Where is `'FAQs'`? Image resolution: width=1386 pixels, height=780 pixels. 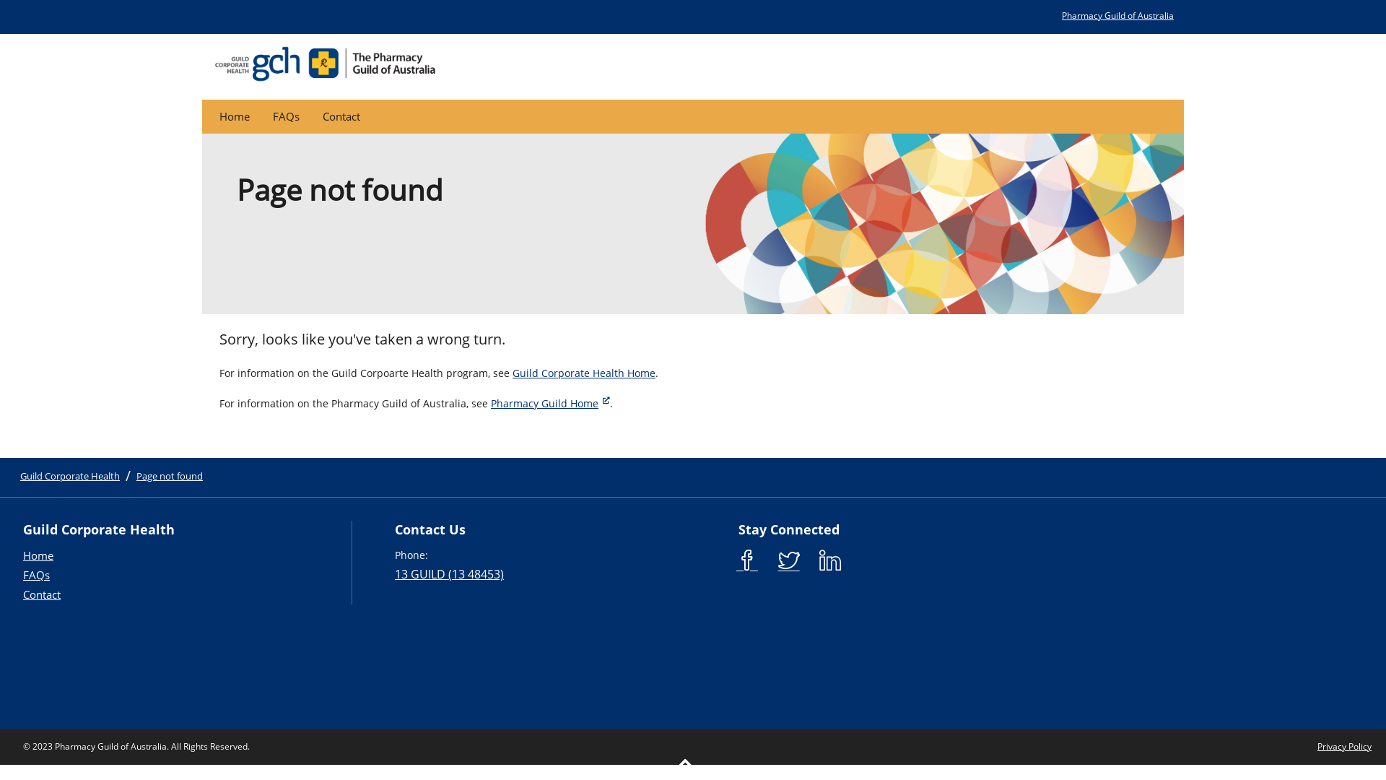 'FAQs' is located at coordinates (36, 573).